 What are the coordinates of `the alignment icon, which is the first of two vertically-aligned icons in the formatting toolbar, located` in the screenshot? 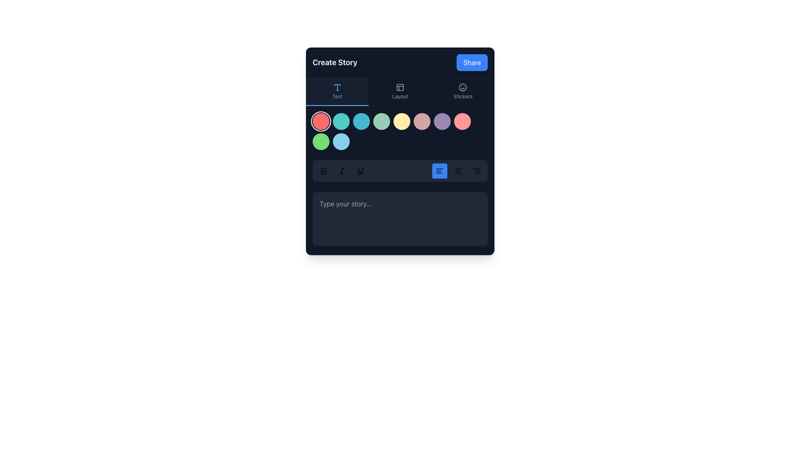 It's located at (458, 171).